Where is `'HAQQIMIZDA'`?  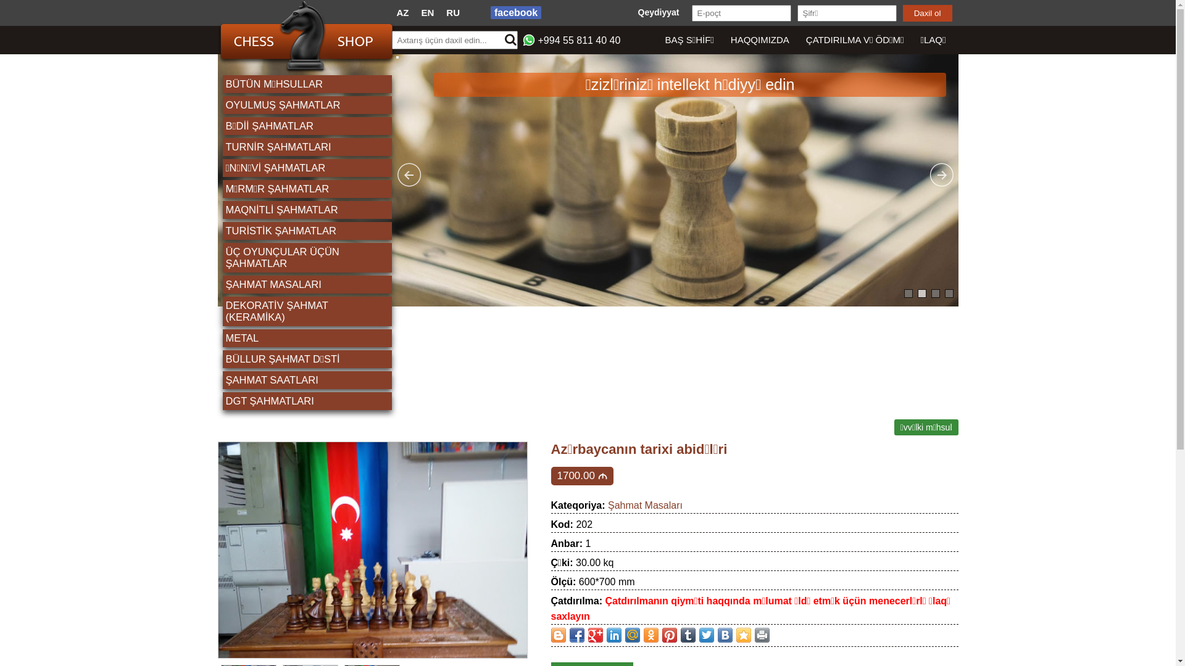
'HAQQIMIZDA' is located at coordinates (759, 39).